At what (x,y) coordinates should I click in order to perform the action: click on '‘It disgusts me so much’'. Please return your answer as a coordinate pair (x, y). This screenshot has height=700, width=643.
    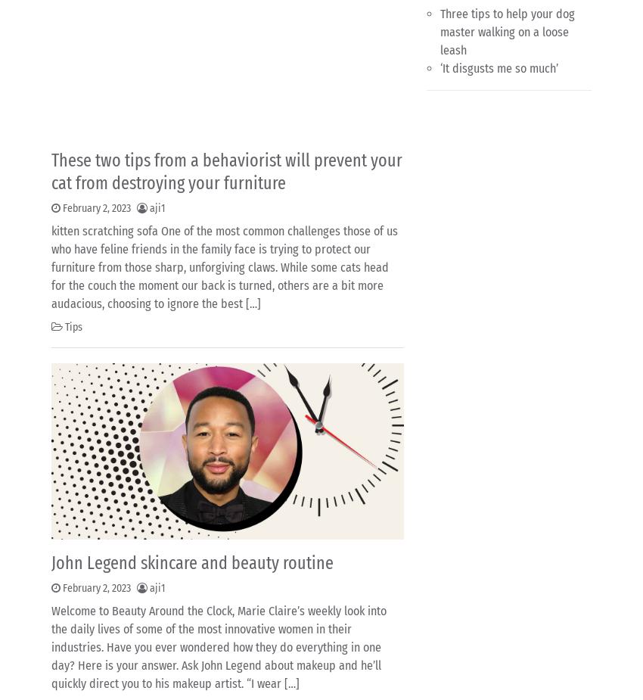
    Looking at the image, I should click on (51, 384).